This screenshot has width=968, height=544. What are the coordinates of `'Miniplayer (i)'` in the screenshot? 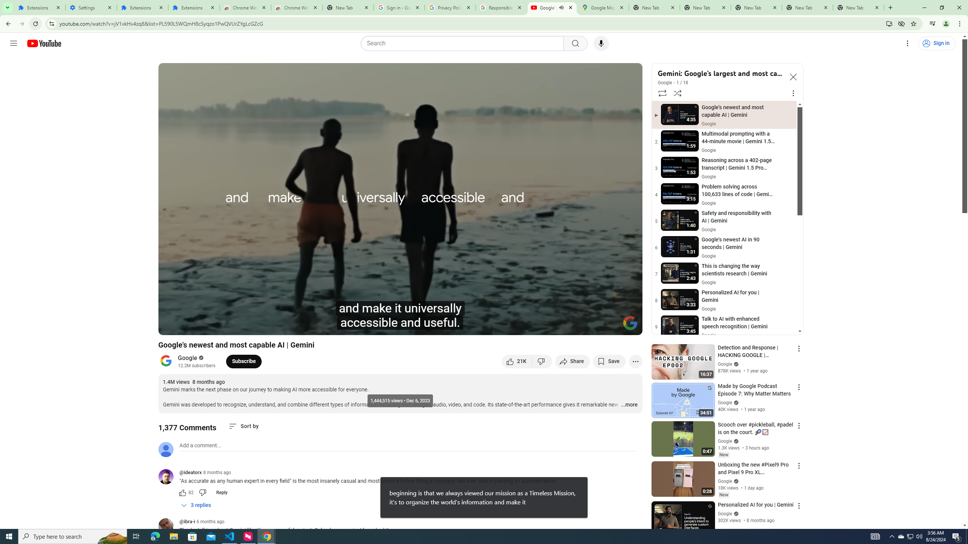 It's located at (592, 326).